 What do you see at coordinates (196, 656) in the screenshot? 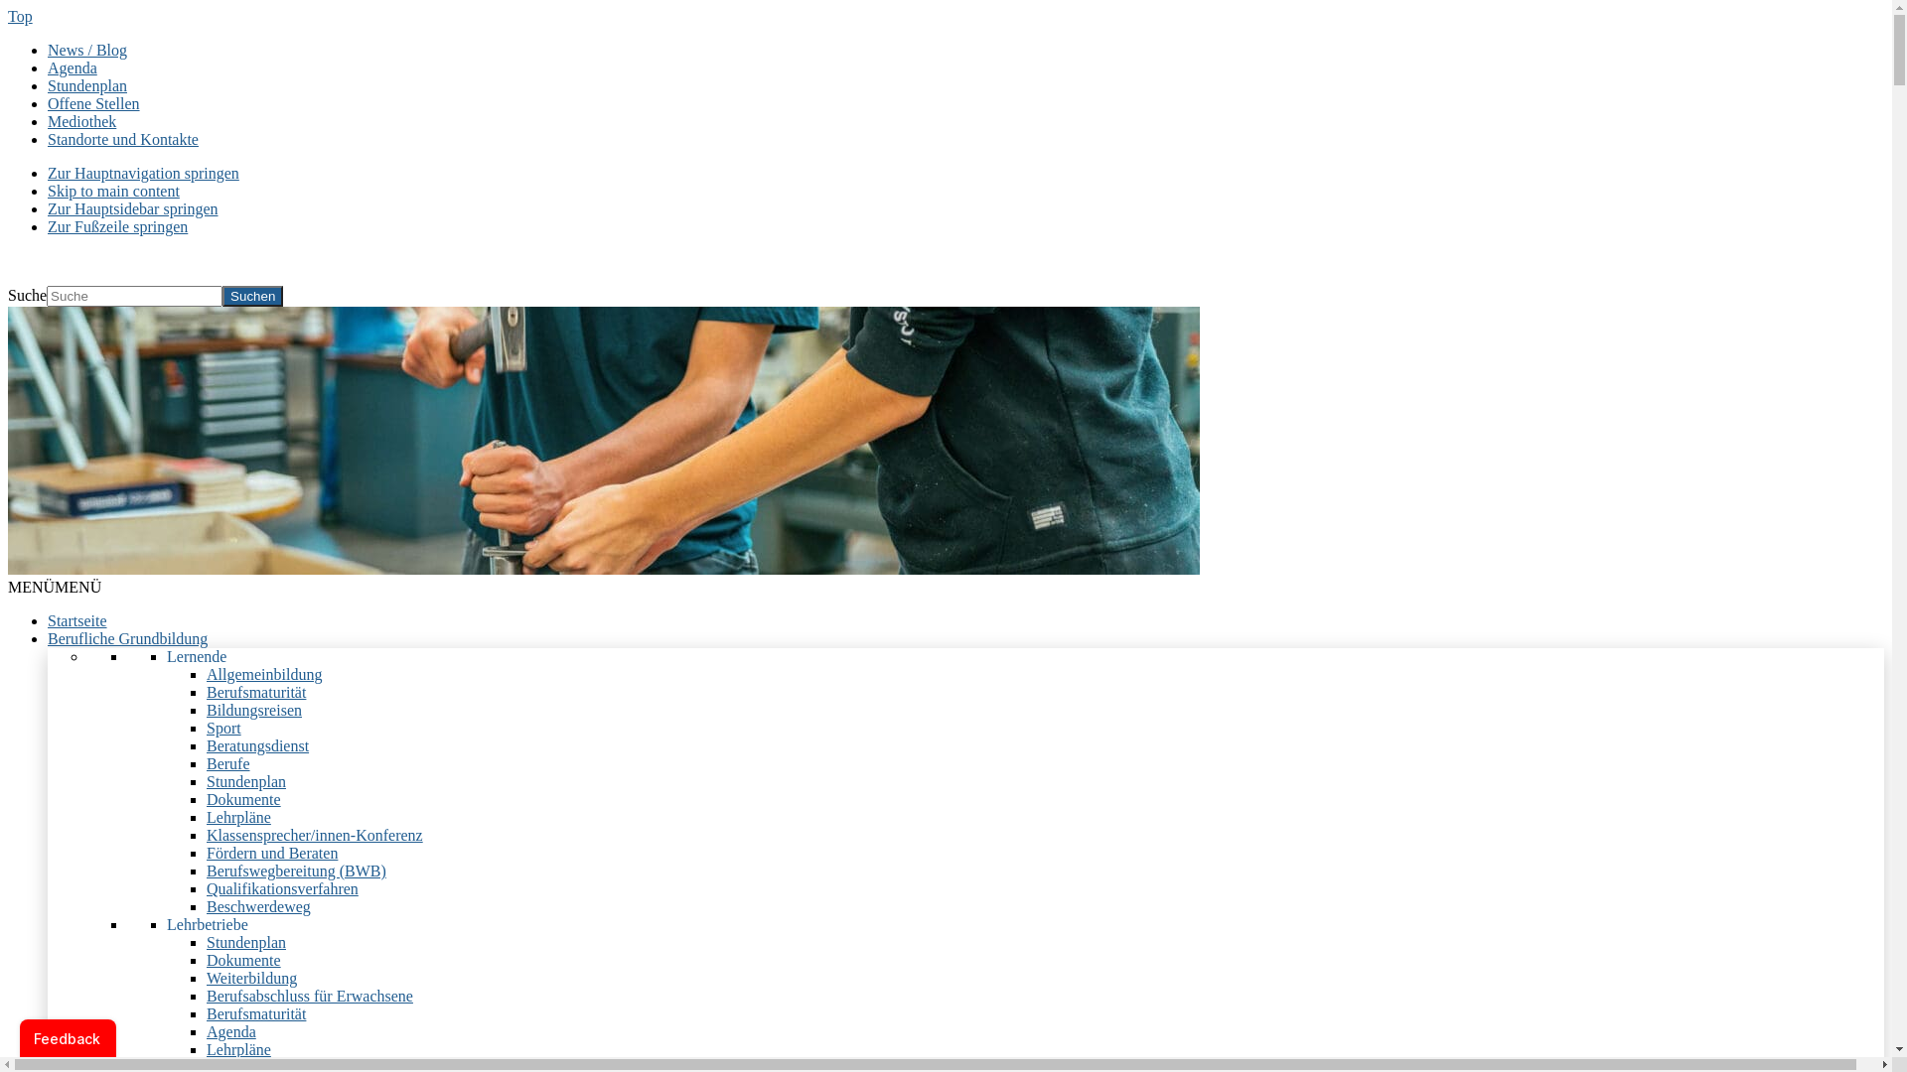
I see `'Lernende'` at bounding box center [196, 656].